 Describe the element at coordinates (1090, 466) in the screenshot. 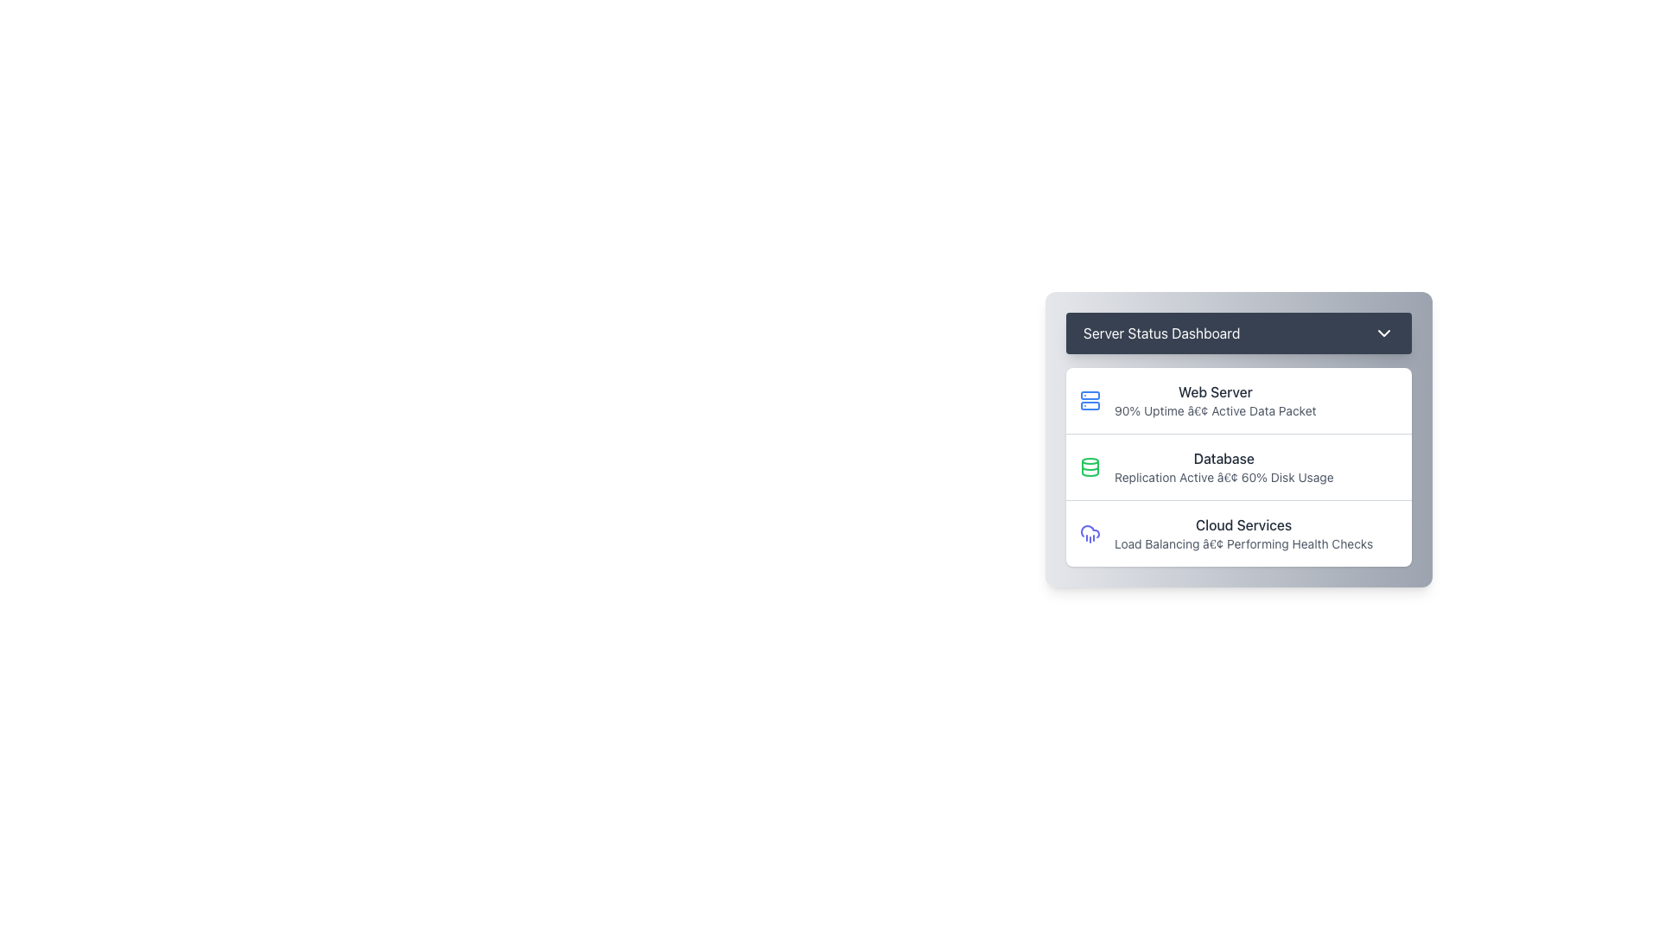

I see `the visual indicator icon for the database section located in the 'Database' card of the 'Server Status Dashboard'` at that location.